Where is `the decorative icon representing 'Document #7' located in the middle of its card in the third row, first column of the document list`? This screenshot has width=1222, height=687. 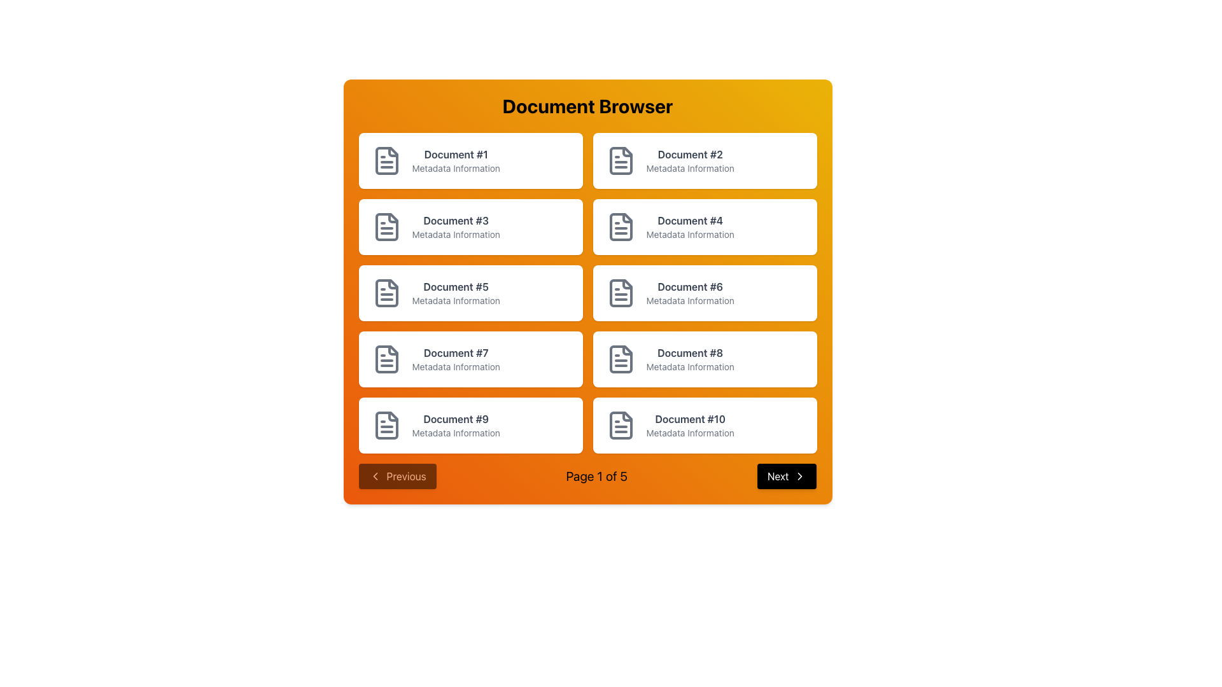
the decorative icon representing 'Document #7' located in the middle of its card in the third row, first column of the document list is located at coordinates (386, 359).